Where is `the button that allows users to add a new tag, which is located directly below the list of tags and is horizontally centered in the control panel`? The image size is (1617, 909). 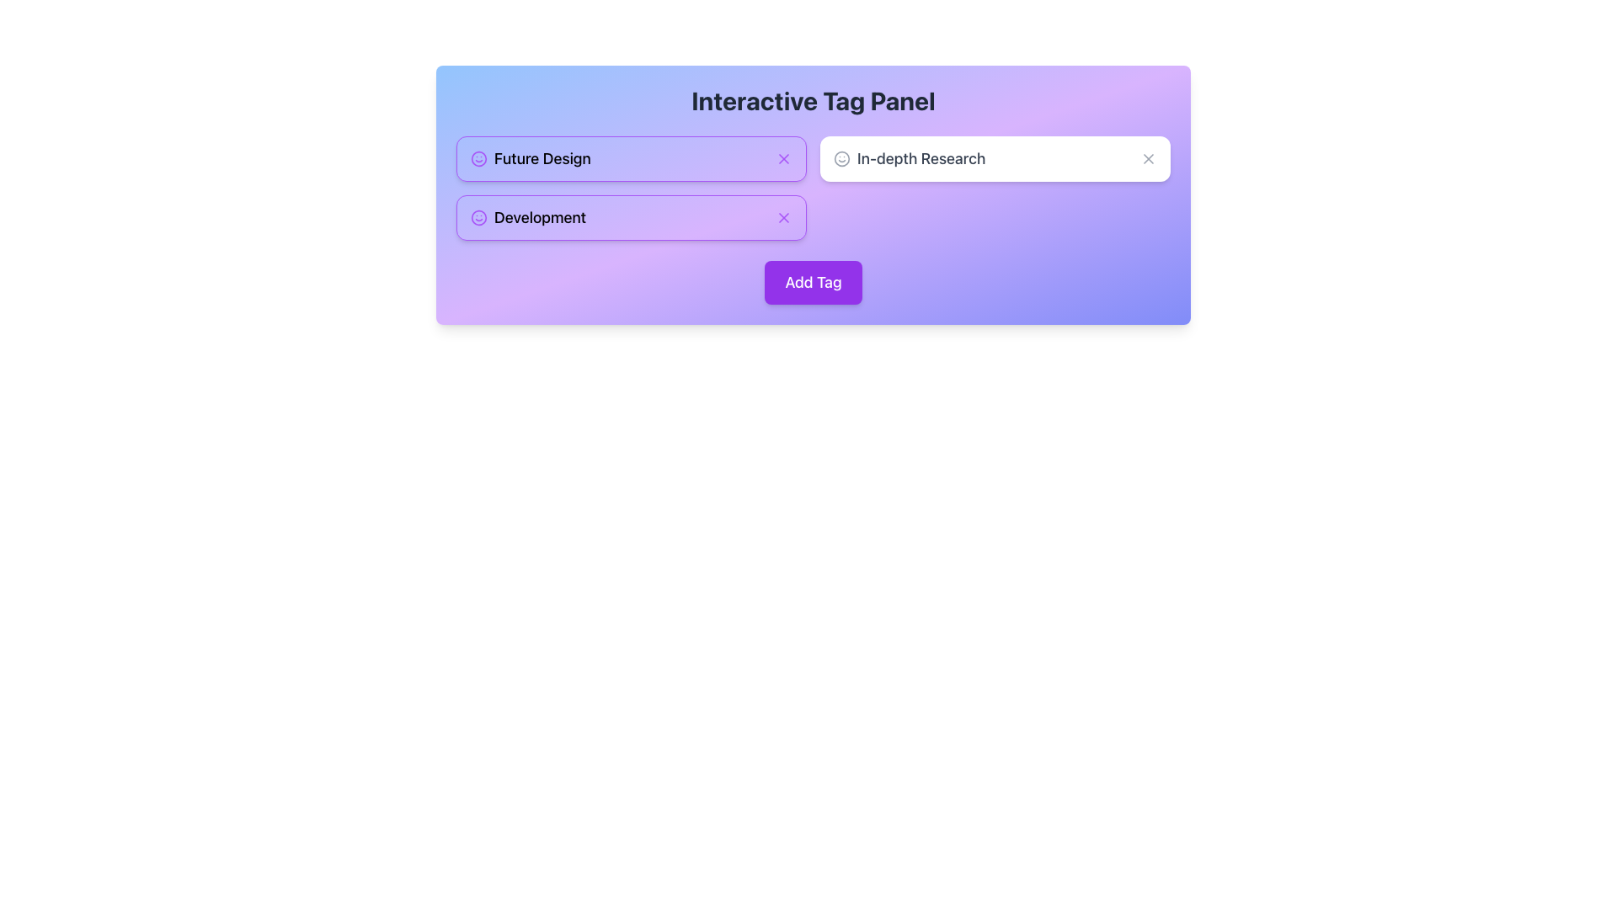
the button that allows users to add a new tag, which is located directly below the list of tags and is horizontally centered in the control panel is located at coordinates (813, 281).